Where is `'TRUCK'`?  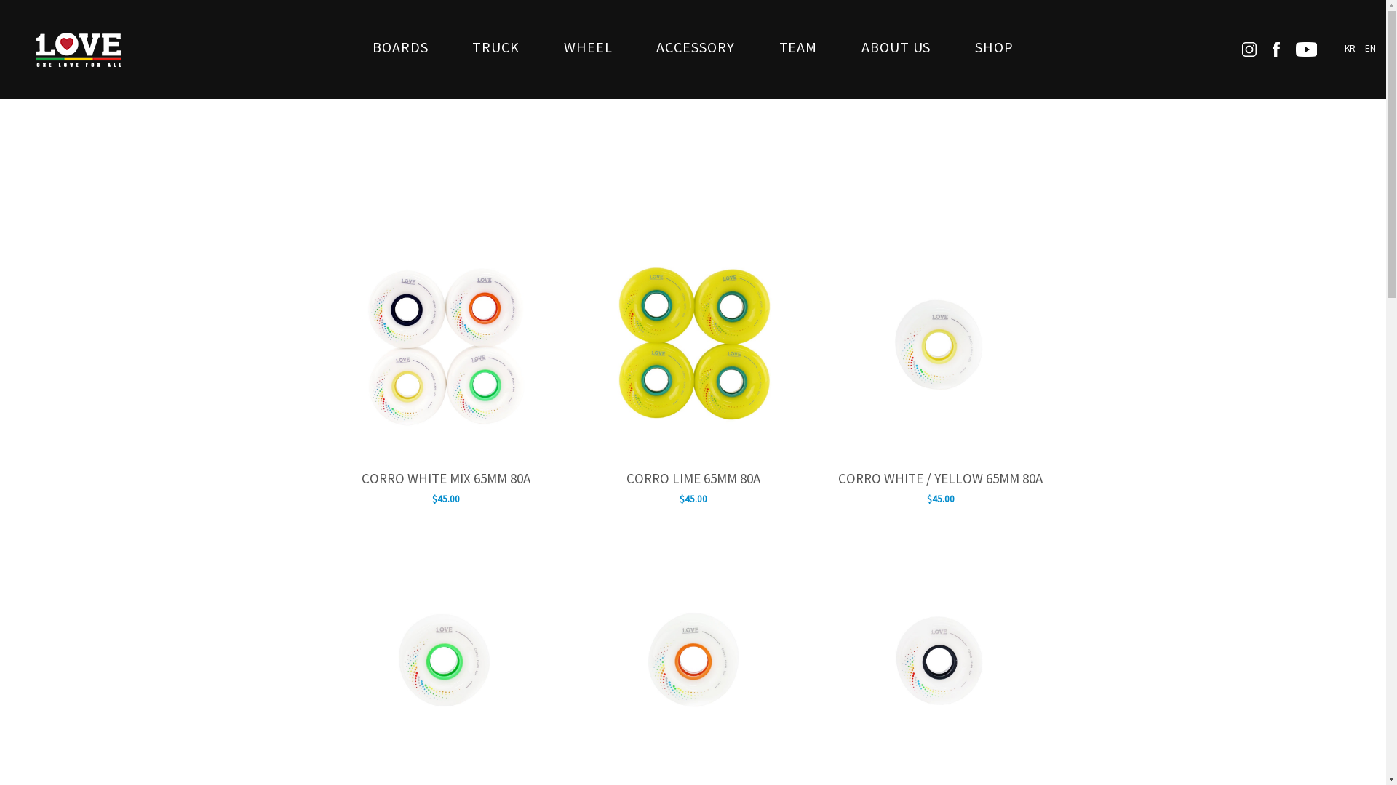 'TRUCK' is located at coordinates (463, 47).